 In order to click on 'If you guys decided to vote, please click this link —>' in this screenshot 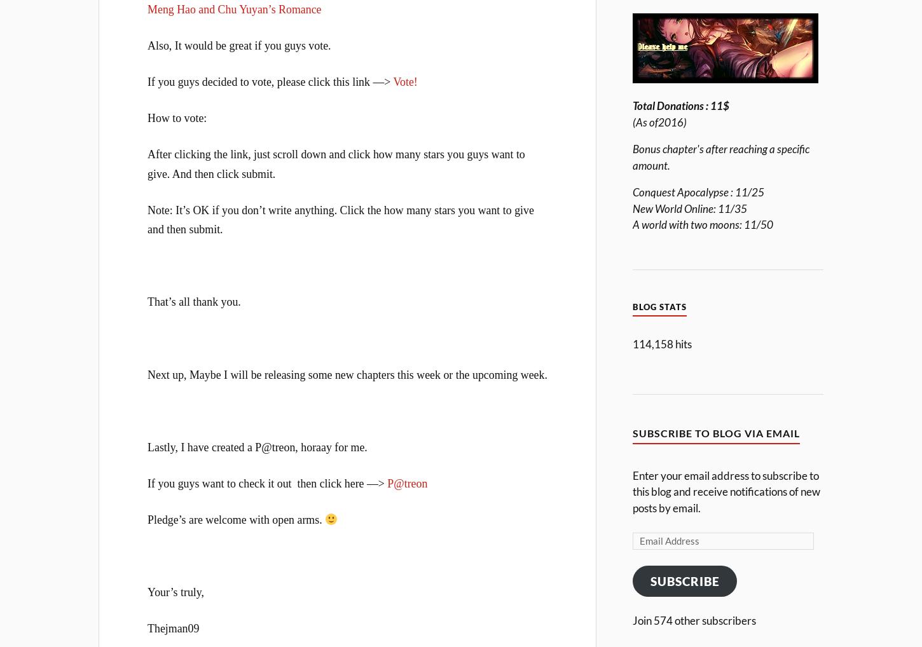, I will do `click(269, 81)`.